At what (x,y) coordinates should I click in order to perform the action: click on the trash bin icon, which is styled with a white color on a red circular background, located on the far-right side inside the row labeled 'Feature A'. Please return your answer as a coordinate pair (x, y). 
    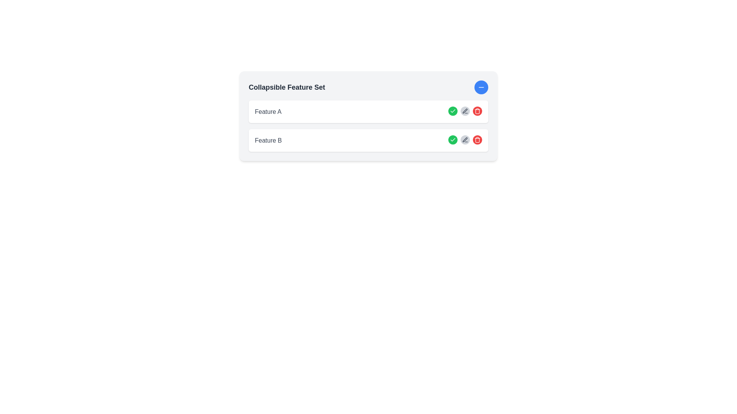
    Looking at the image, I should click on (477, 111).